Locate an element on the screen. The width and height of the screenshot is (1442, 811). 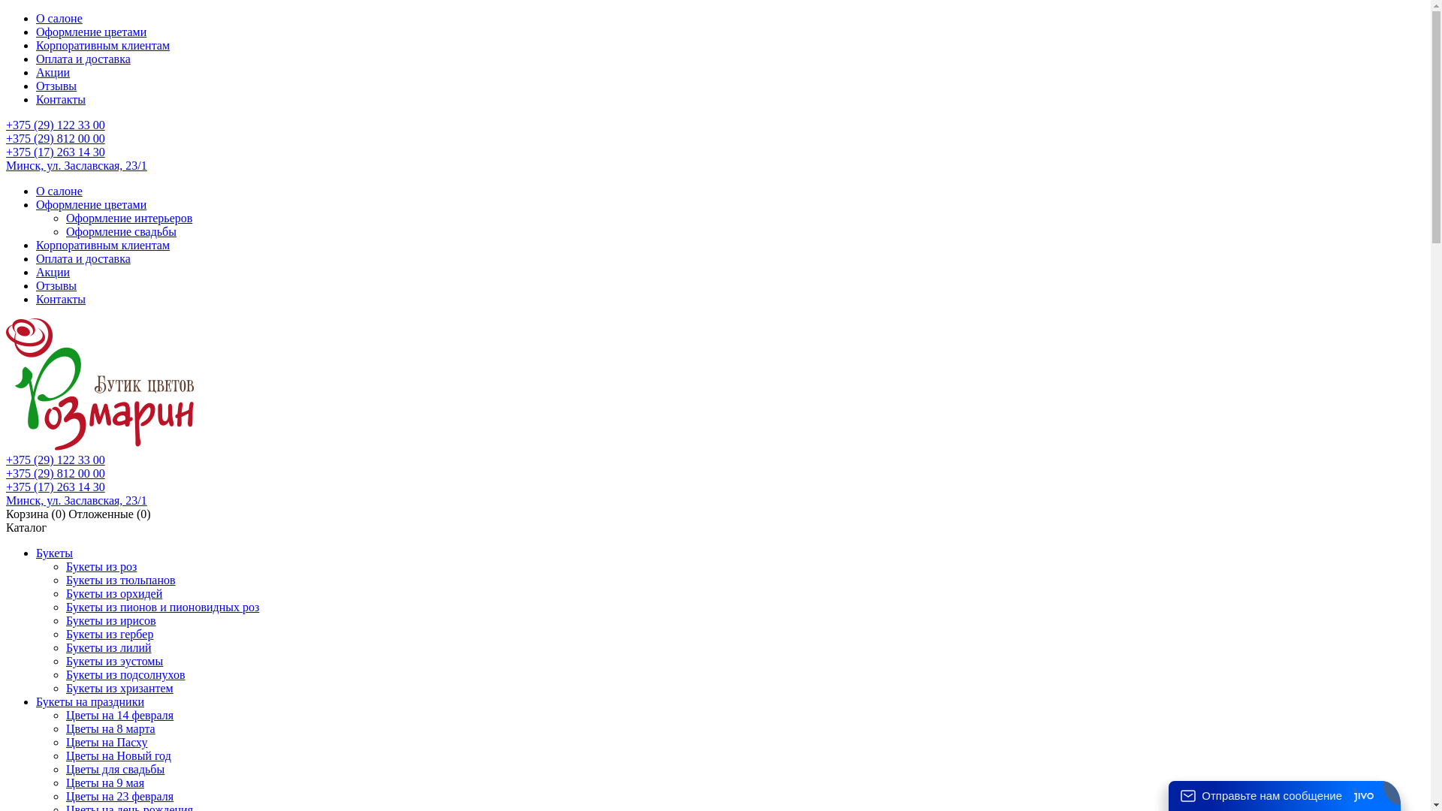
'+375 (17) 263 14 30' is located at coordinates (55, 487).